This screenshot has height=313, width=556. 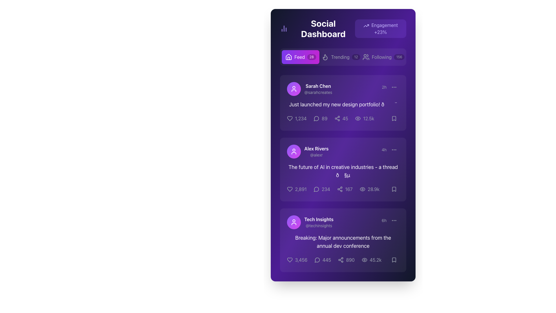 What do you see at coordinates (297, 260) in the screenshot?
I see `the heart icon of the interactive counter displaying '3,456' likes in the bottom-left corner of the 'Tech Insights' card to like or unlike the post` at bounding box center [297, 260].